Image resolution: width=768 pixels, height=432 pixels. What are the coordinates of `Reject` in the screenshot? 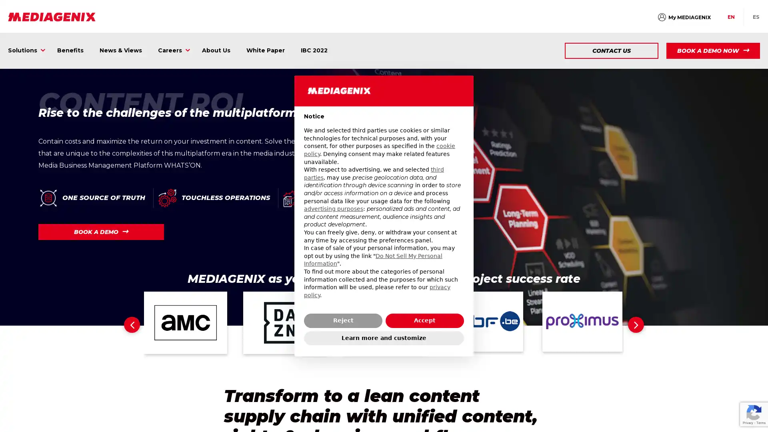 It's located at (343, 320).